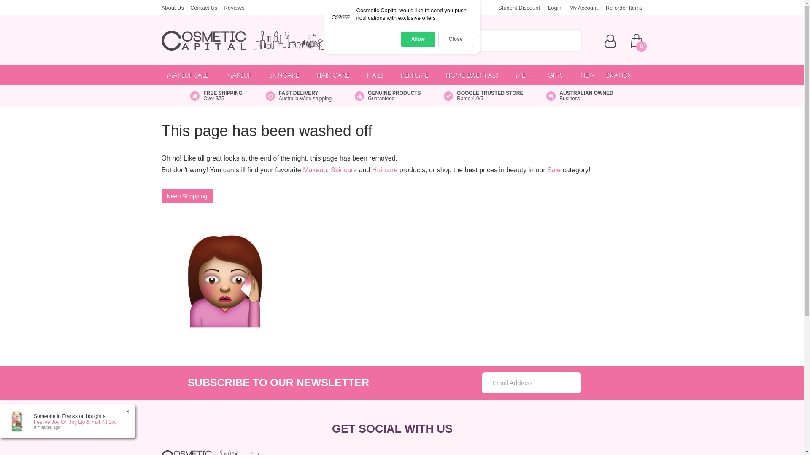  What do you see at coordinates (621, 74) in the screenshot?
I see `'BRANDS'` at bounding box center [621, 74].